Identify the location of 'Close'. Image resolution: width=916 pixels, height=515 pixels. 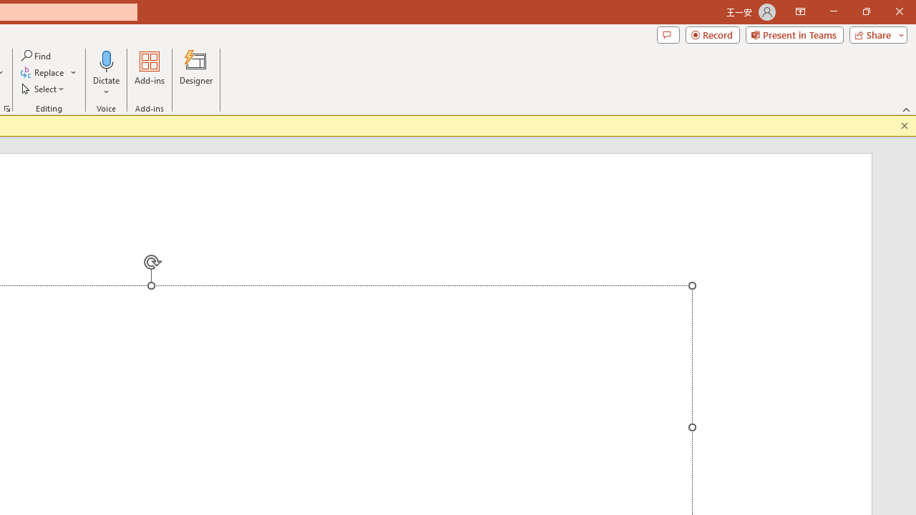
(898, 11).